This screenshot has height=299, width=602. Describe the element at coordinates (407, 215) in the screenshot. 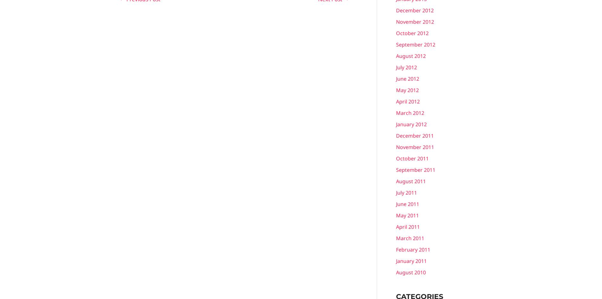

I see `'May 2011'` at that location.